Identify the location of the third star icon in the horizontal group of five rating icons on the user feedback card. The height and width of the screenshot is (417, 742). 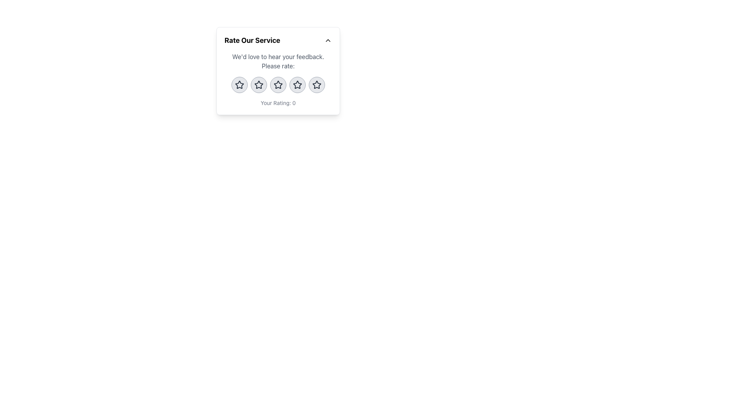
(278, 85).